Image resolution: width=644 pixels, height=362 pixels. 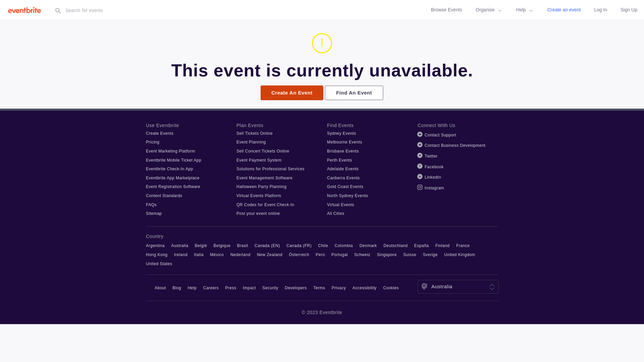 I want to click on 'Twitter', so click(x=431, y=156).